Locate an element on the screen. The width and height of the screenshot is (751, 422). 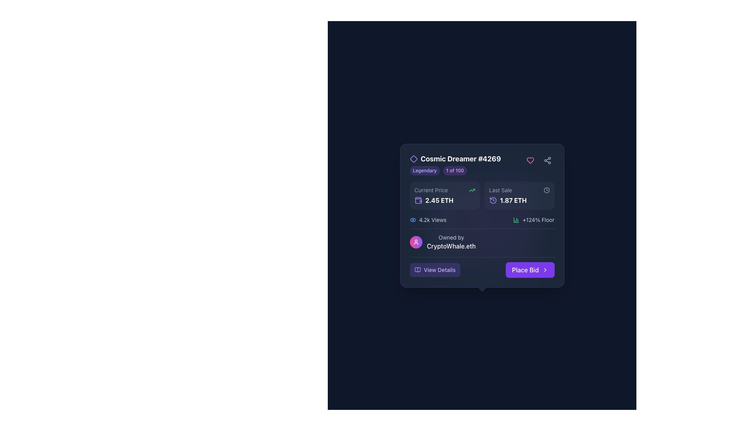
details of the textual UI component displaying 'Cosmic Dreamer #4269', which includes the title, rarity label 'Legendary', and edition '1 of 100', along with the diamond-shaped icon on the left is located at coordinates (455, 164).